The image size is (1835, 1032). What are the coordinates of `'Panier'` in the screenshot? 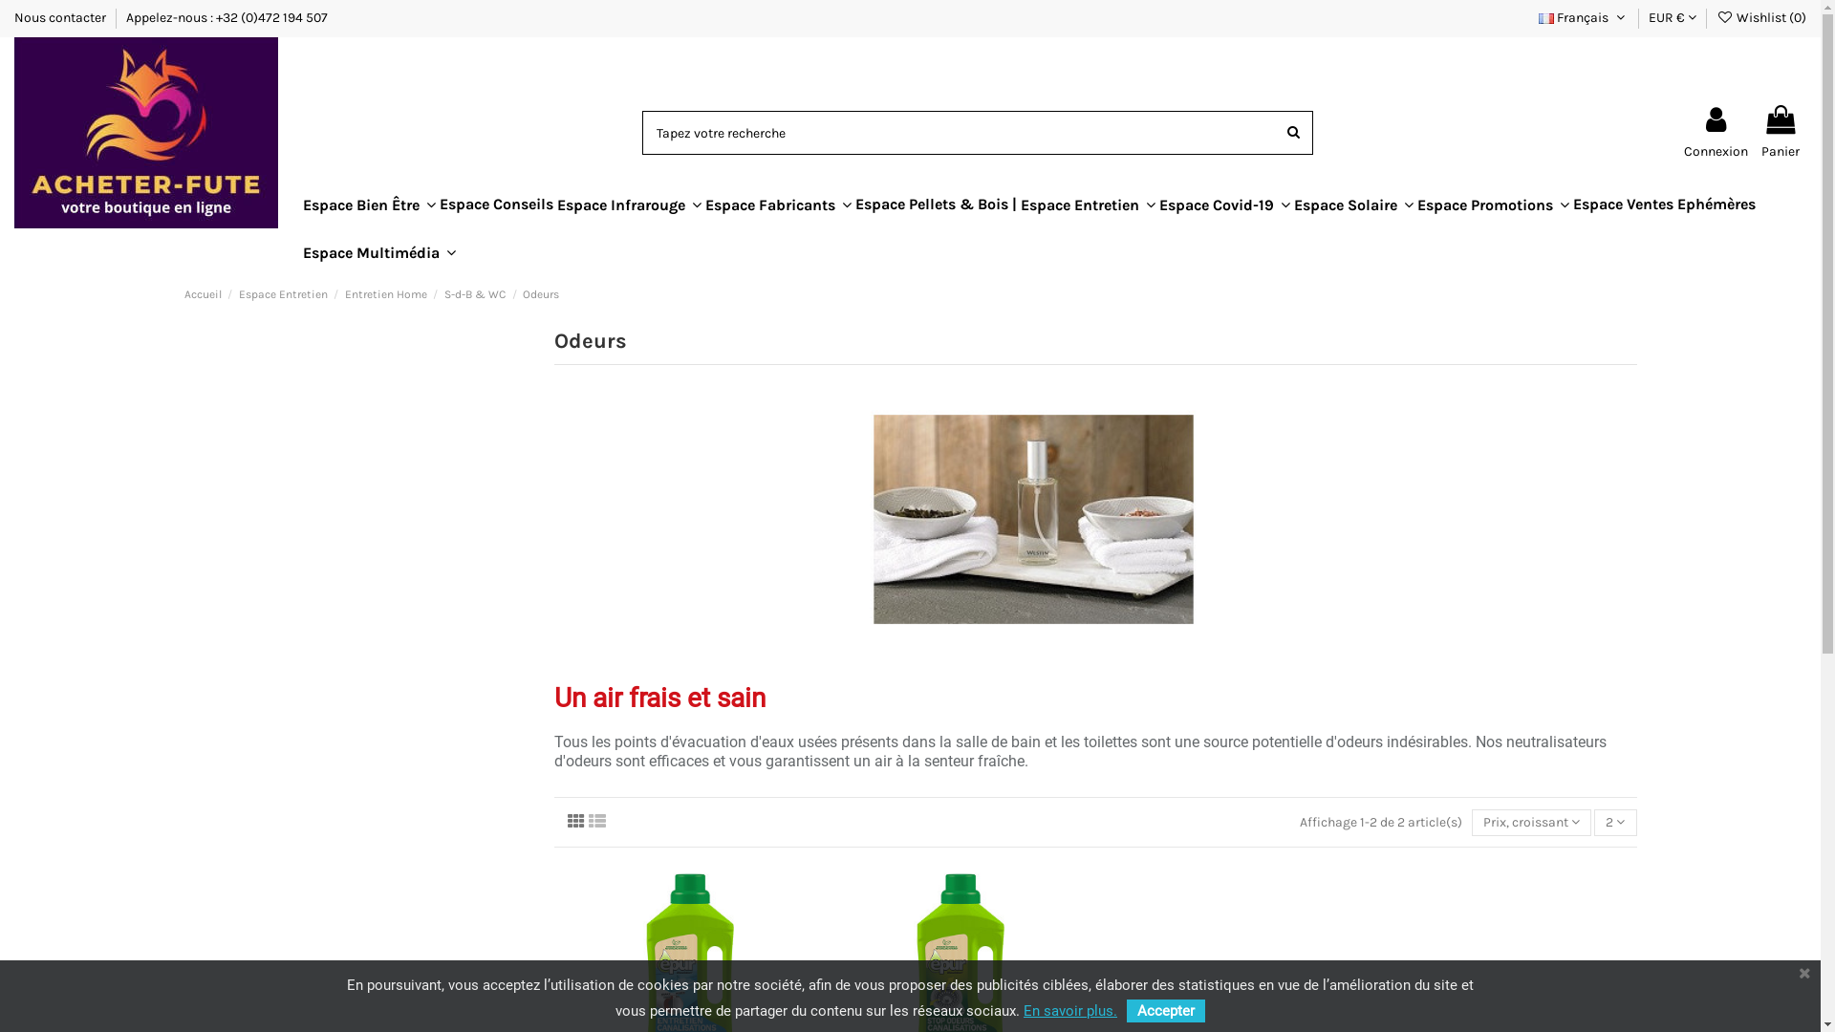 It's located at (1779, 131).